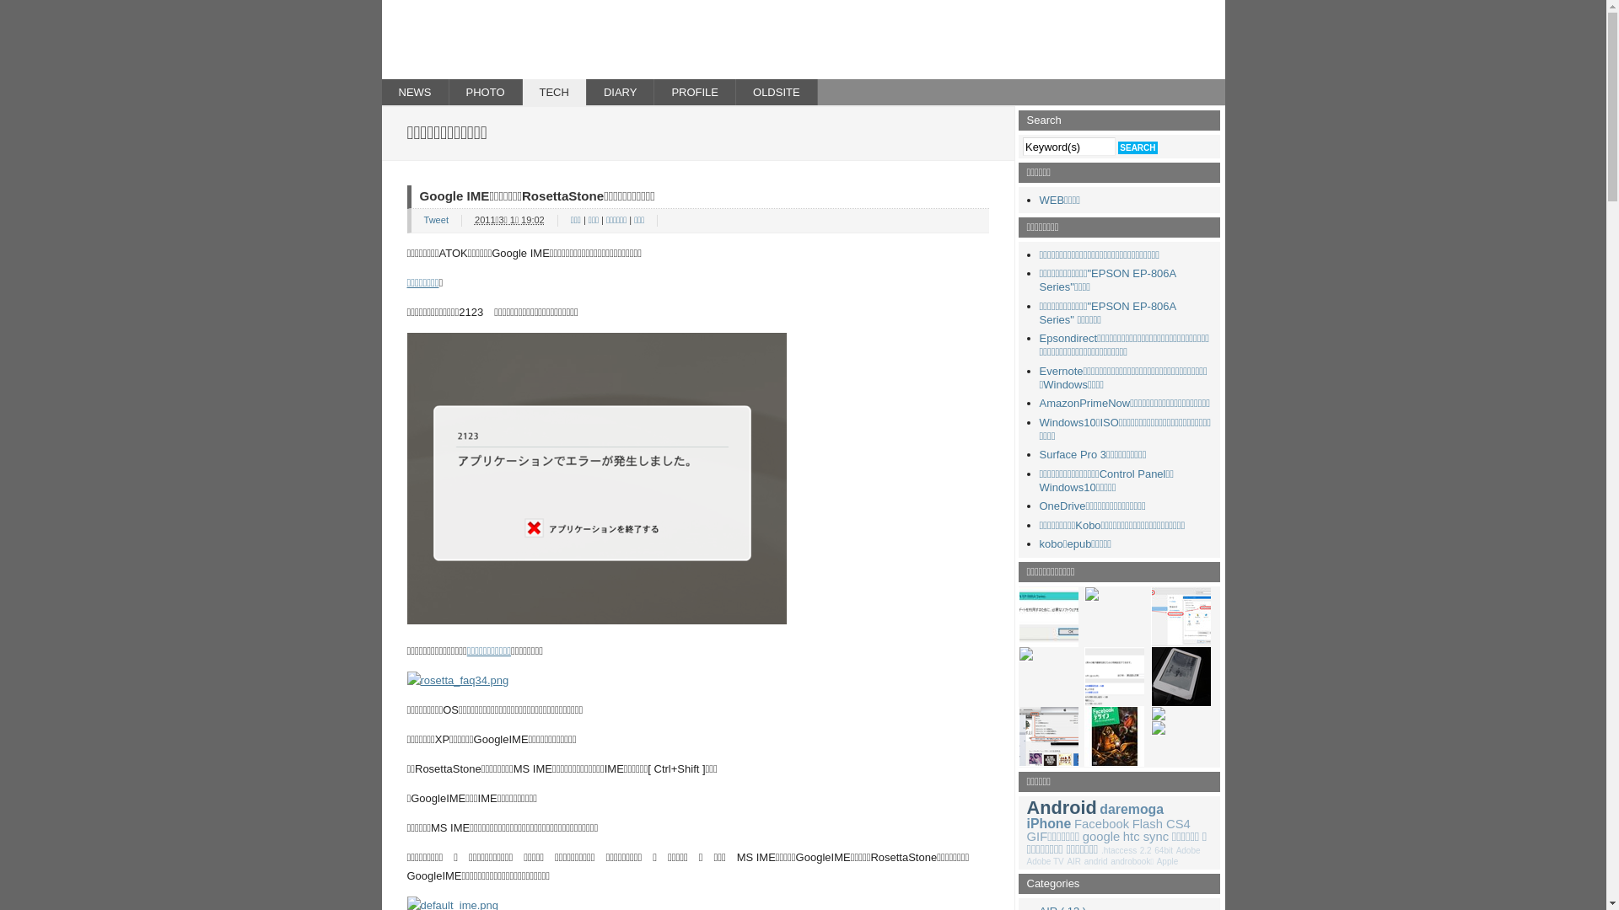 The width and height of the screenshot is (1619, 910). I want to click on 'NEWS', so click(379, 92).